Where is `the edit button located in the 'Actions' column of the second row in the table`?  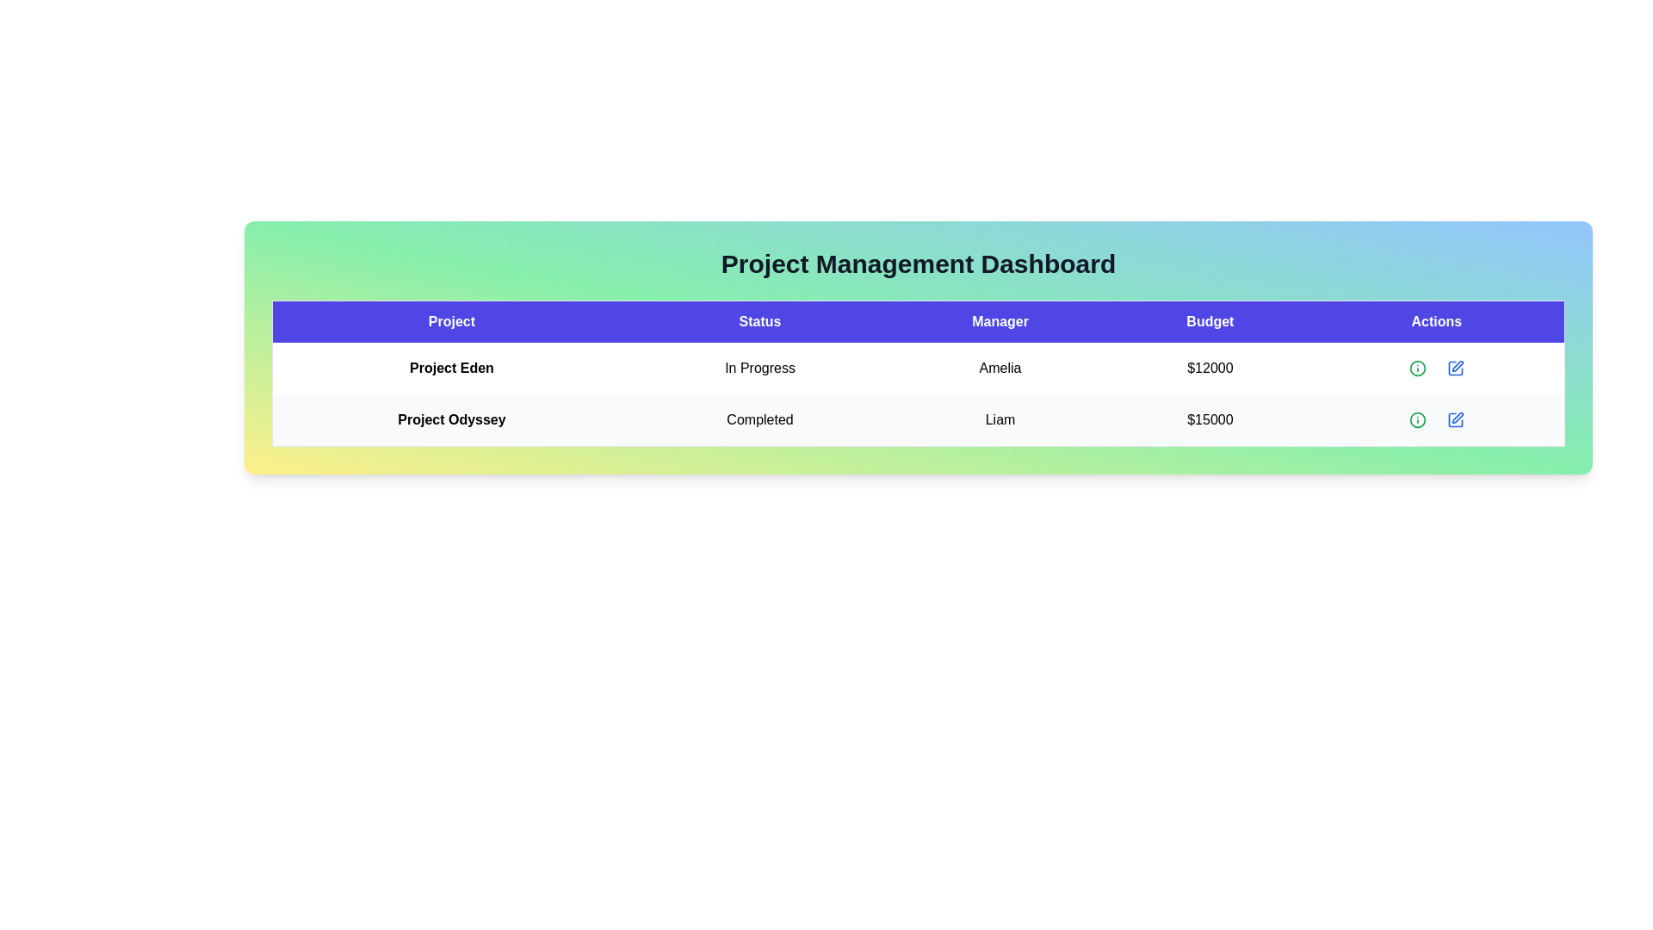 the edit button located in the 'Actions' column of the second row in the table is located at coordinates (1454, 368).